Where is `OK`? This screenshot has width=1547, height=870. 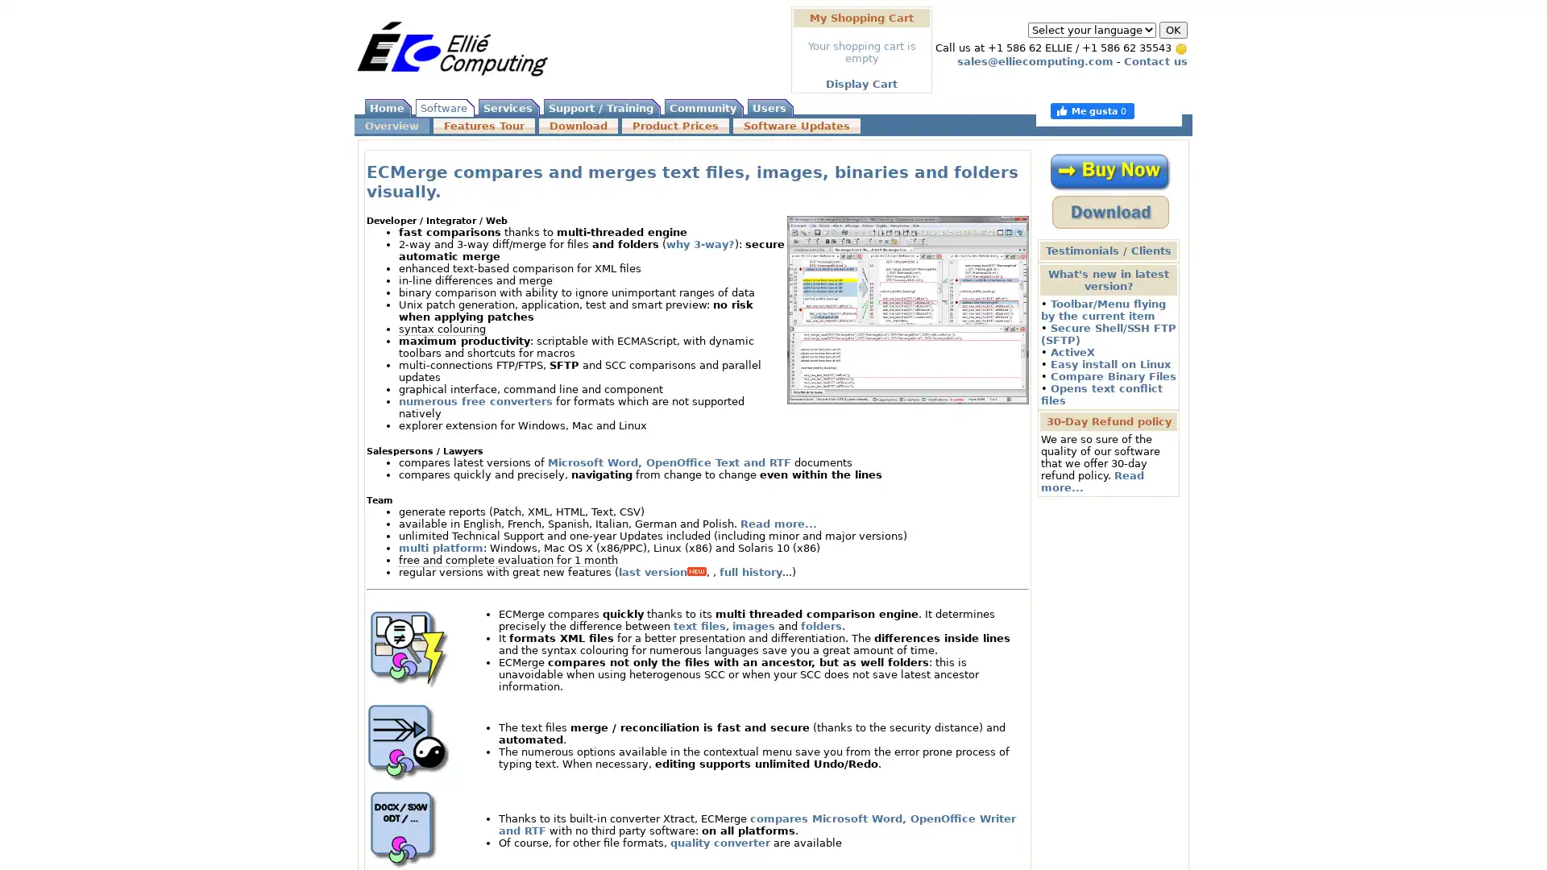 OK is located at coordinates (1173, 30).